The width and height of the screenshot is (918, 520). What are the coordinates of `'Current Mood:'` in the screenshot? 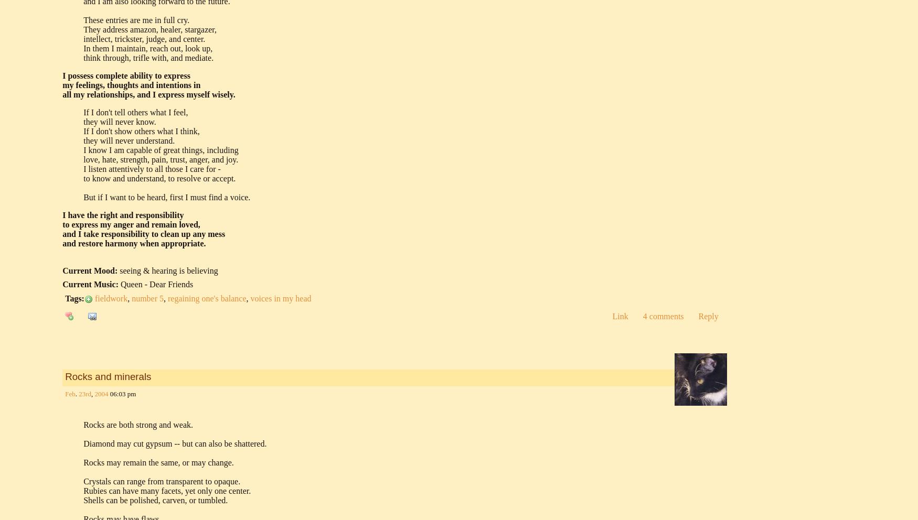 It's located at (89, 269).